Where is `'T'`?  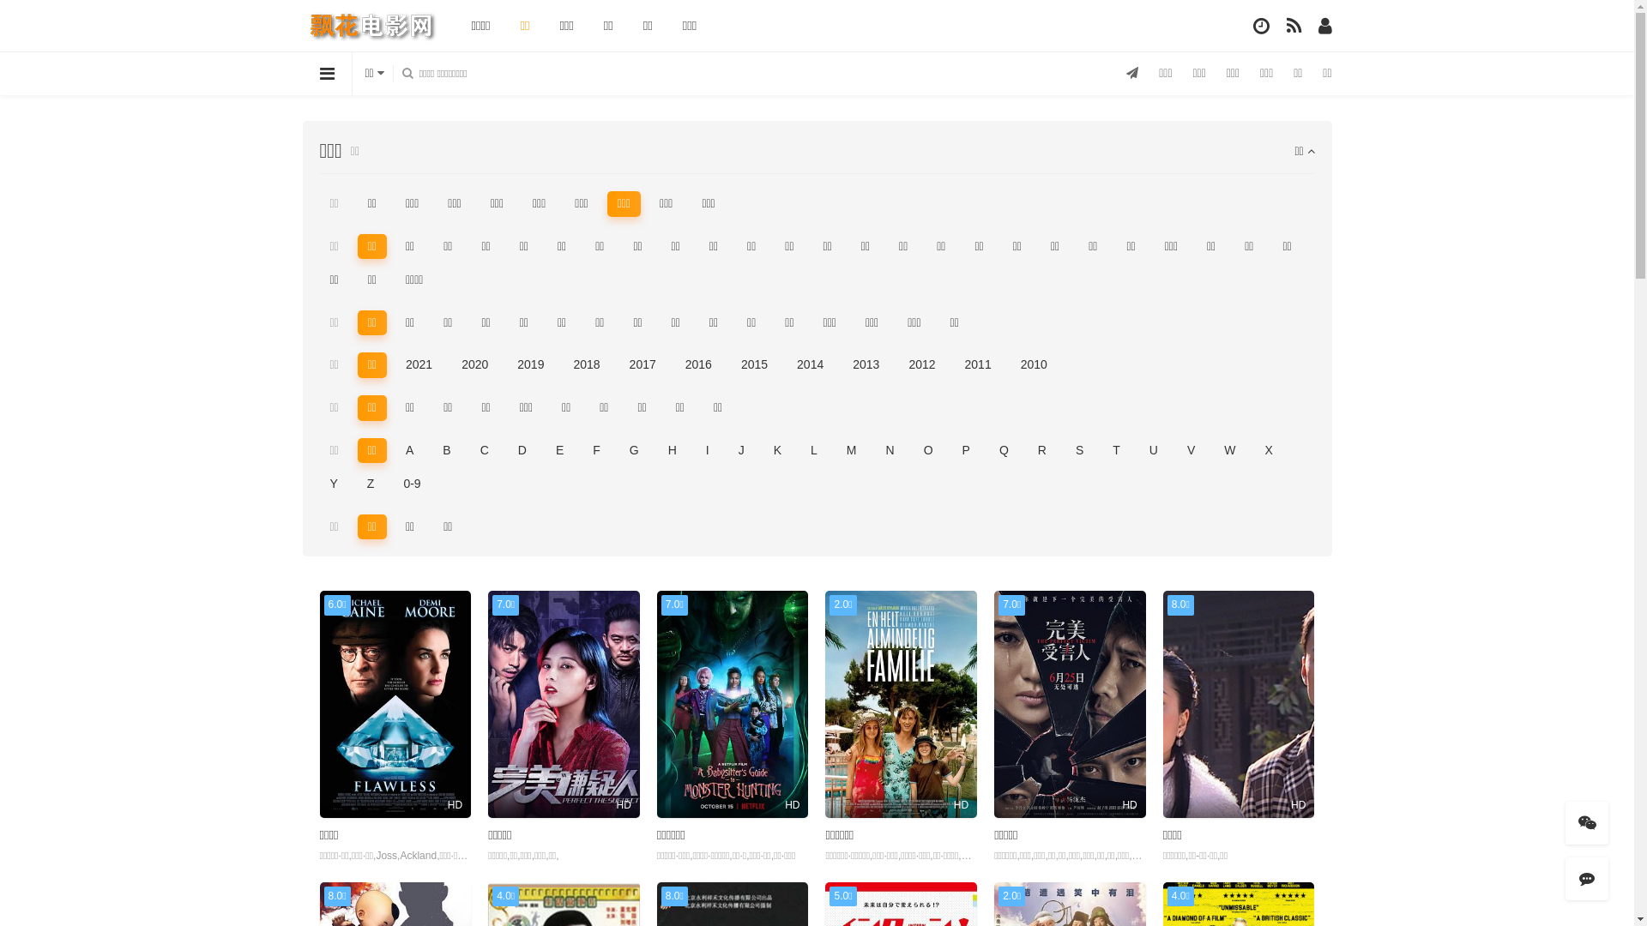
'T' is located at coordinates (1116, 449).